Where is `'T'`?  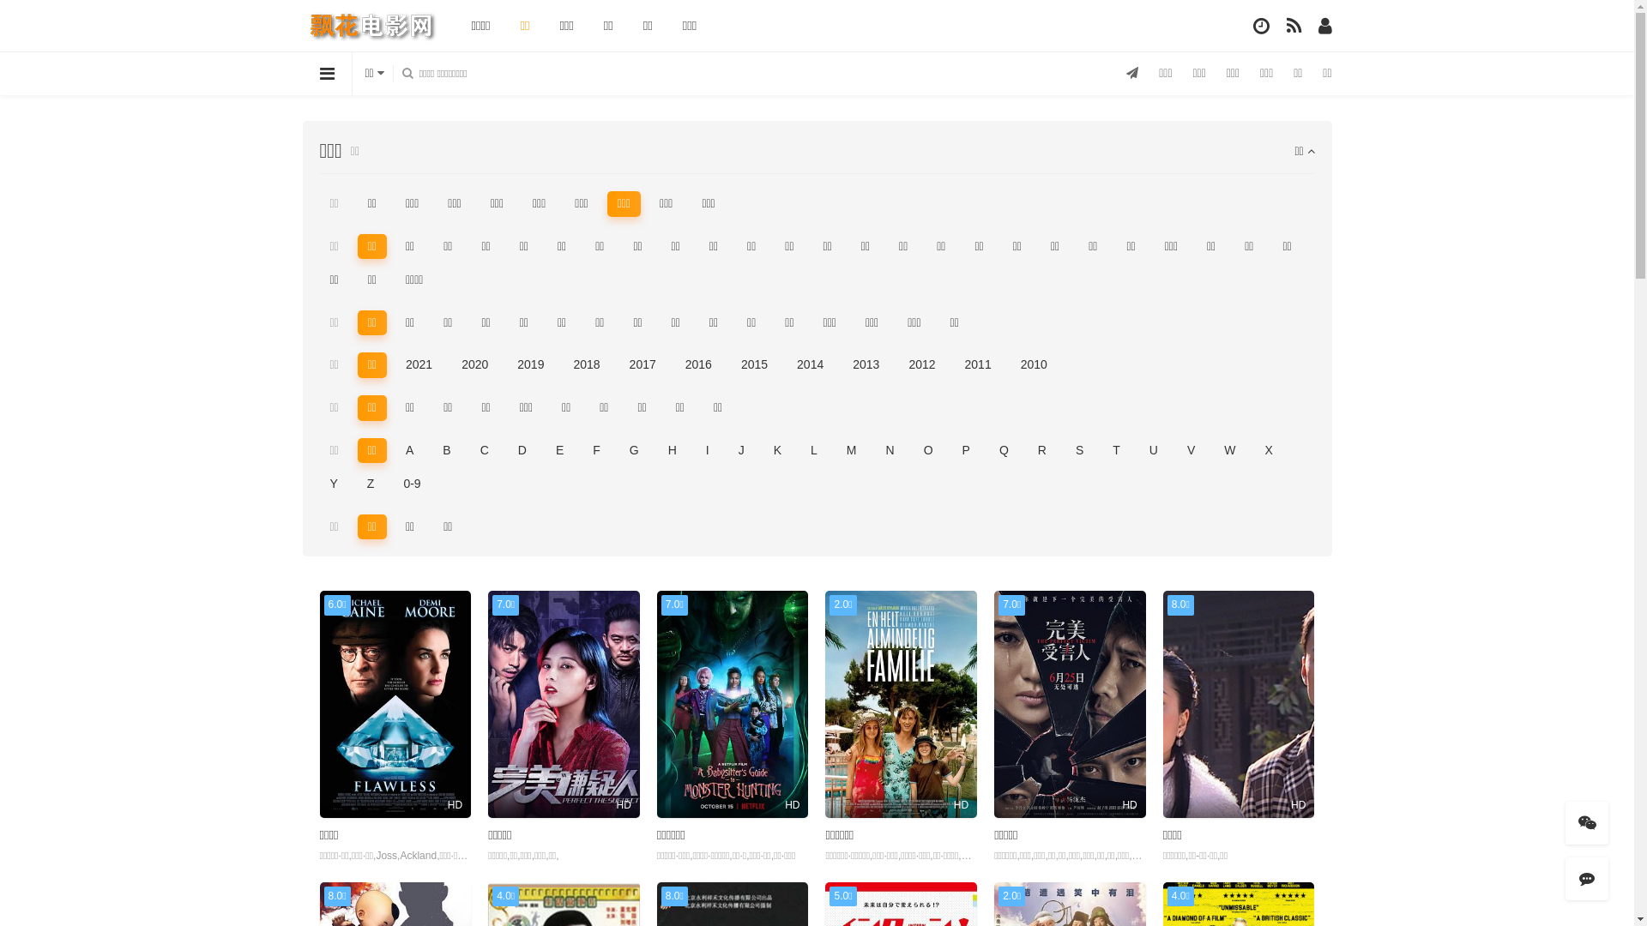
'T' is located at coordinates (1116, 449).